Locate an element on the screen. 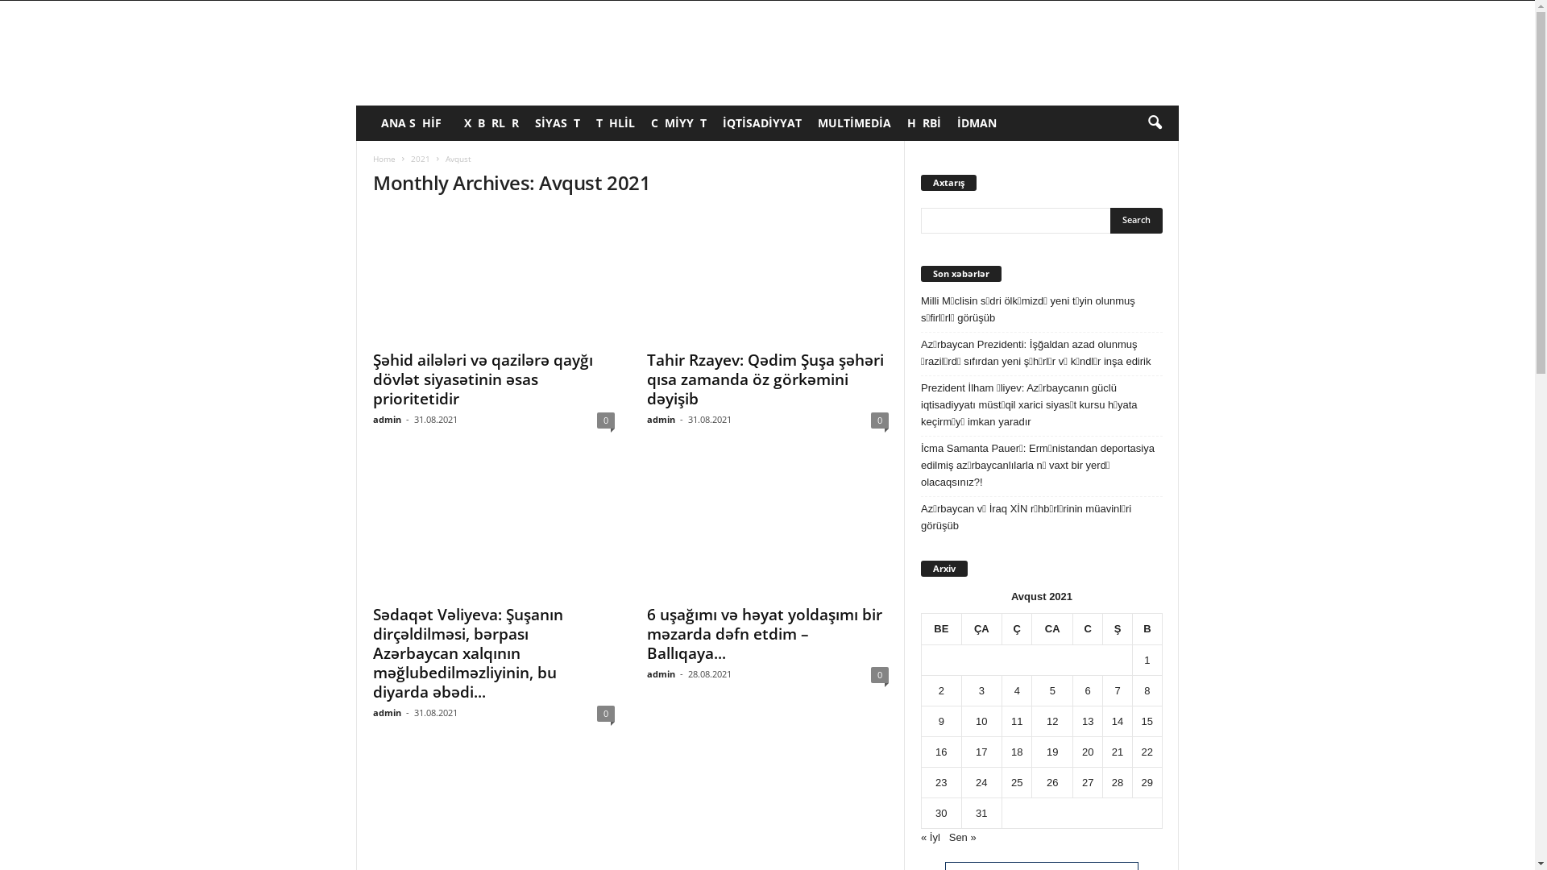 The image size is (1547, 870). '27' is located at coordinates (1087, 781).